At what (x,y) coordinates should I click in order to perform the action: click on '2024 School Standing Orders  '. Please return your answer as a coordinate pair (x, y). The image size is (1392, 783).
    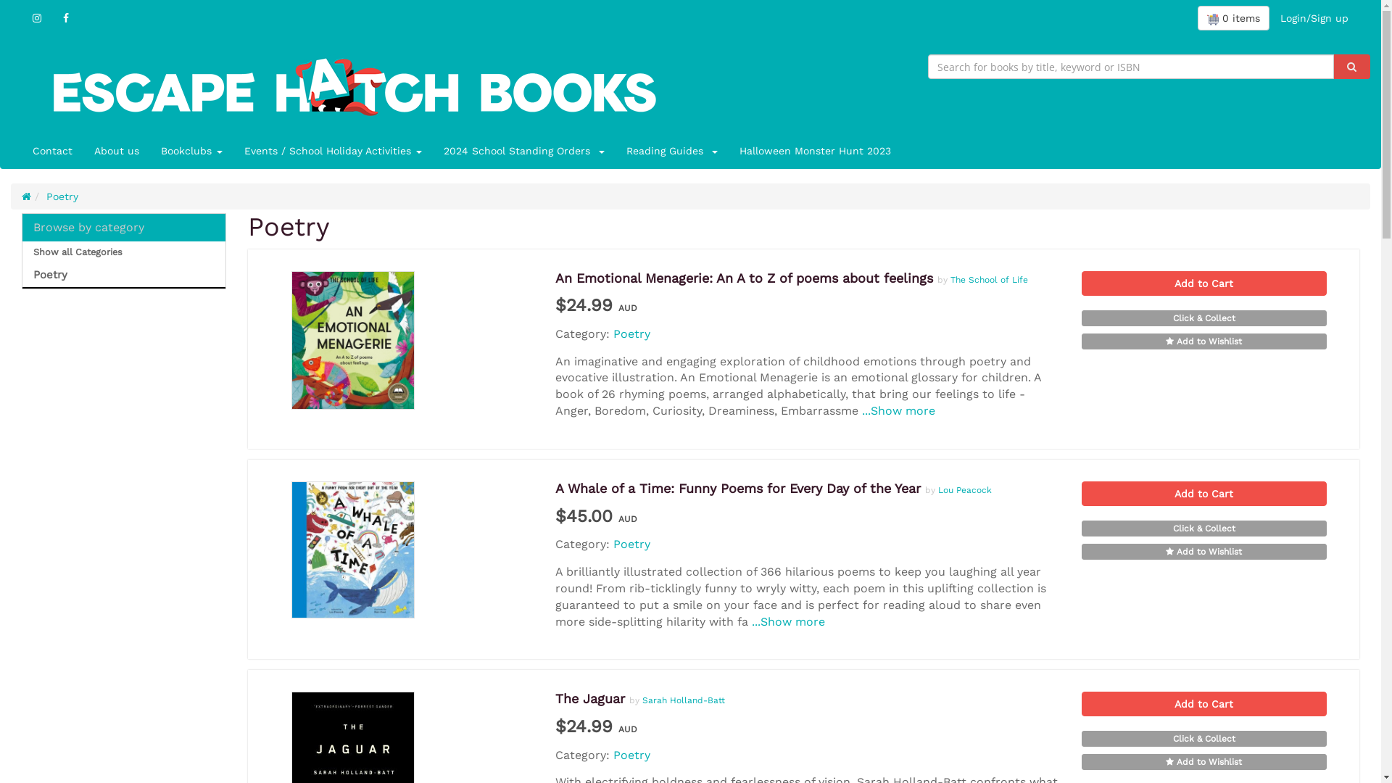
    Looking at the image, I should click on (523, 151).